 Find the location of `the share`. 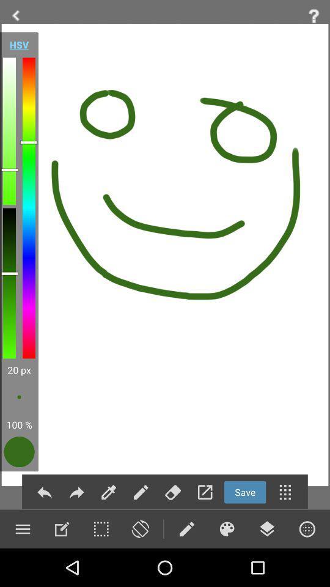

the share is located at coordinates (76, 492).